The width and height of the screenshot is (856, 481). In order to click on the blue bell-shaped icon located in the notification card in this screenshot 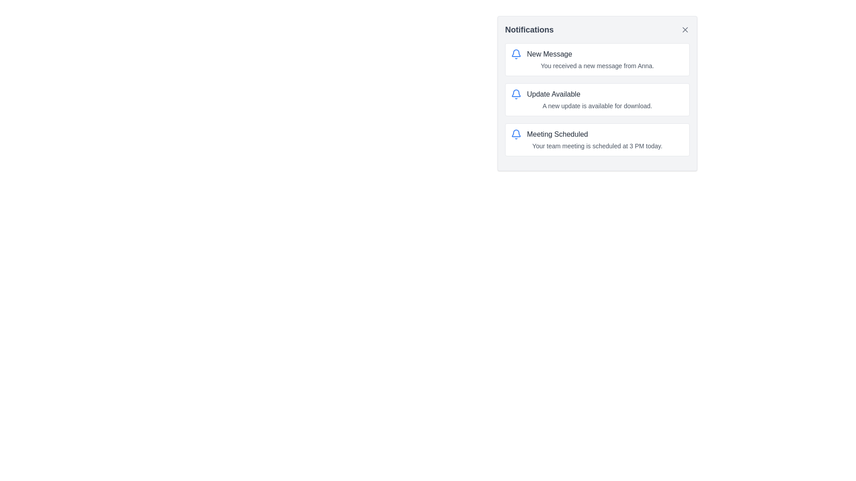, I will do `click(516, 54)`.